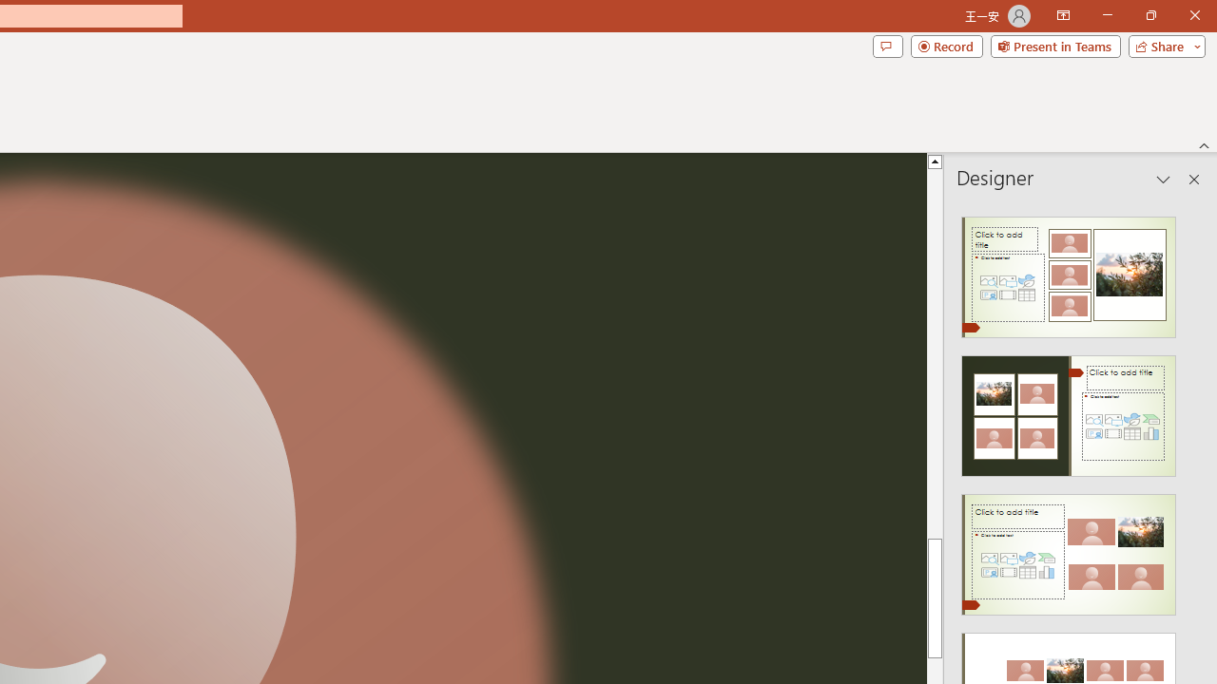 This screenshot has height=684, width=1217. What do you see at coordinates (1162, 45) in the screenshot?
I see `'Share'` at bounding box center [1162, 45].